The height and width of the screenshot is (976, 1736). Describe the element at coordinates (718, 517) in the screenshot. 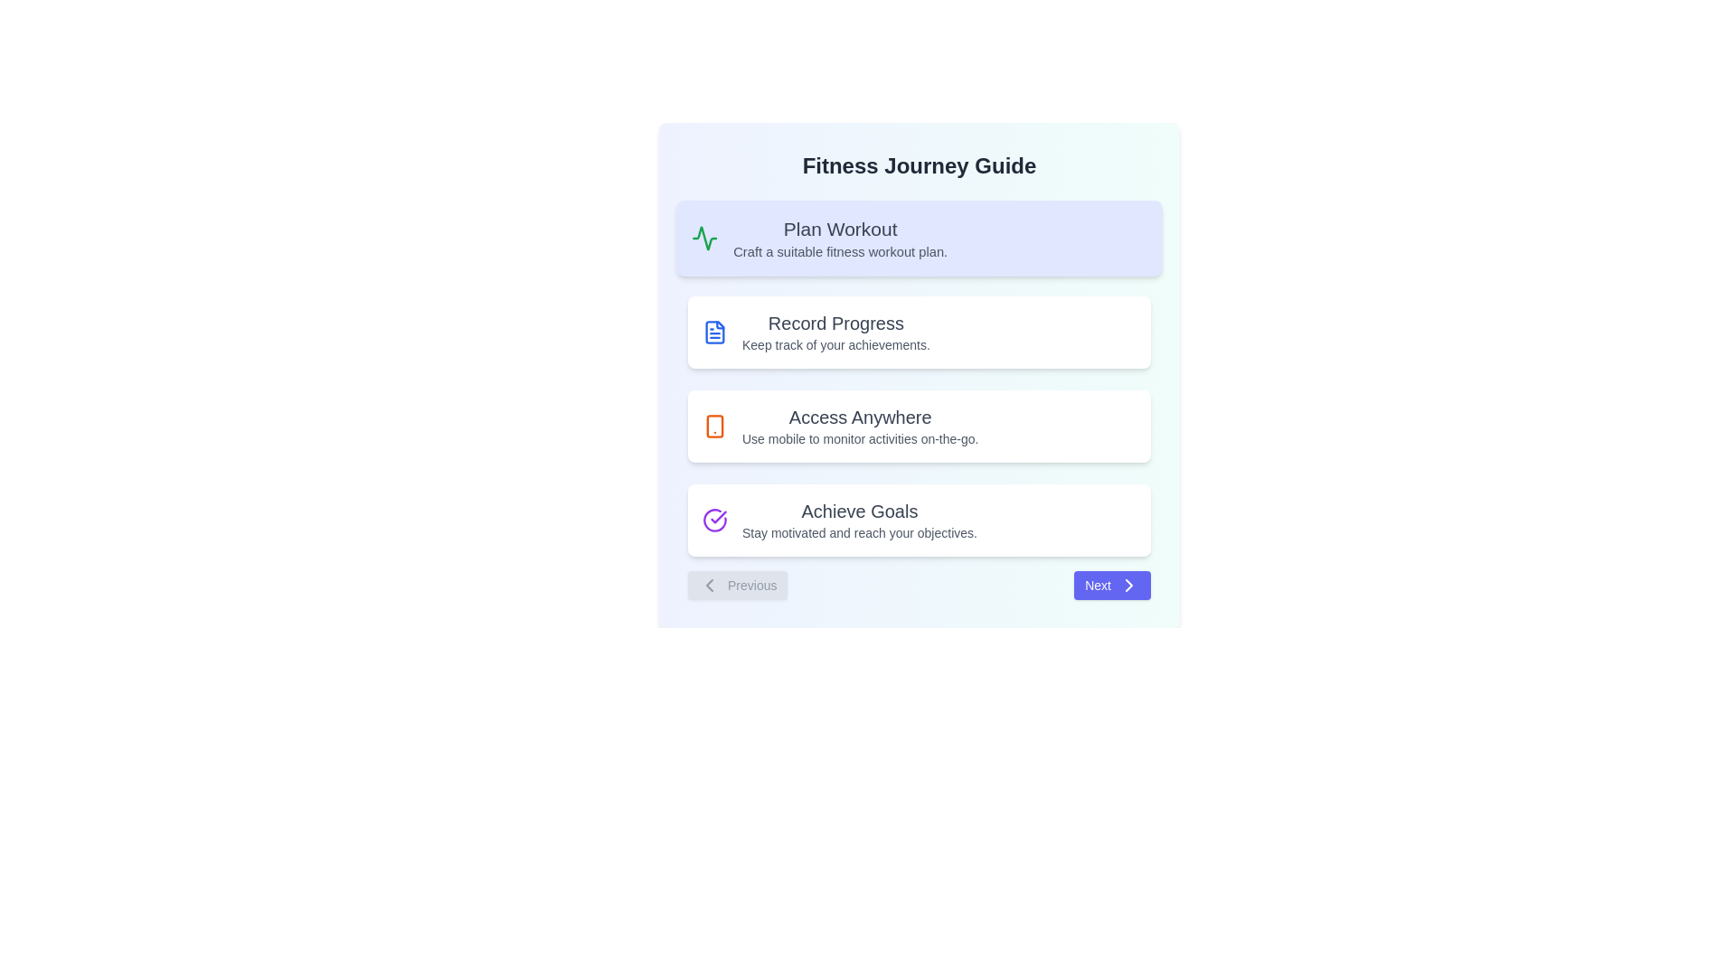

I see `the small purple checkmark icon, which is centrally positioned within a circular area to the left of the 'Achieve Goals' label on the fourth row of the list` at that location.